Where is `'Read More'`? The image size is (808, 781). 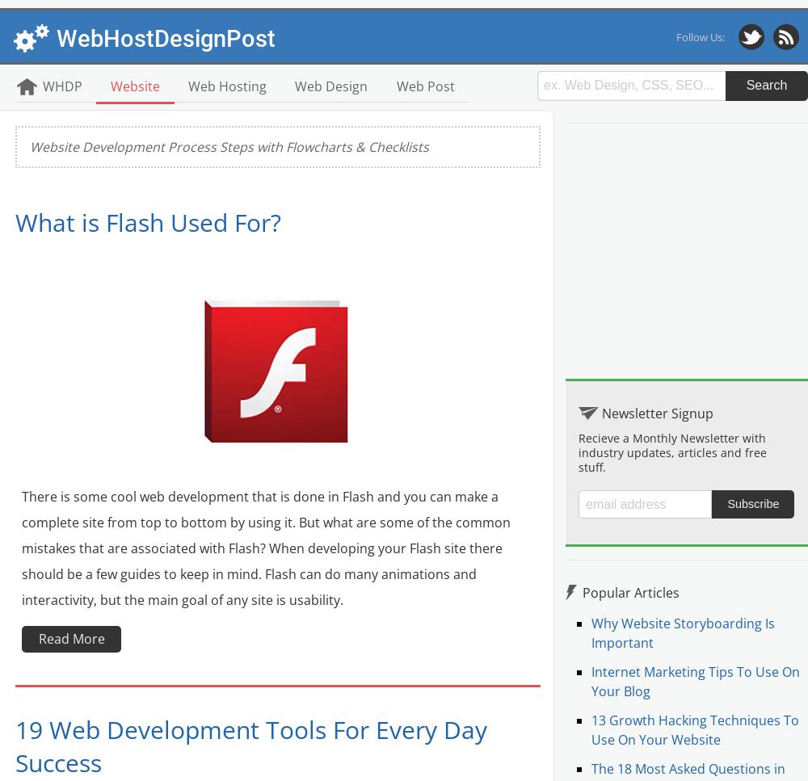 'Read More' is located at coordinates (70, 637).